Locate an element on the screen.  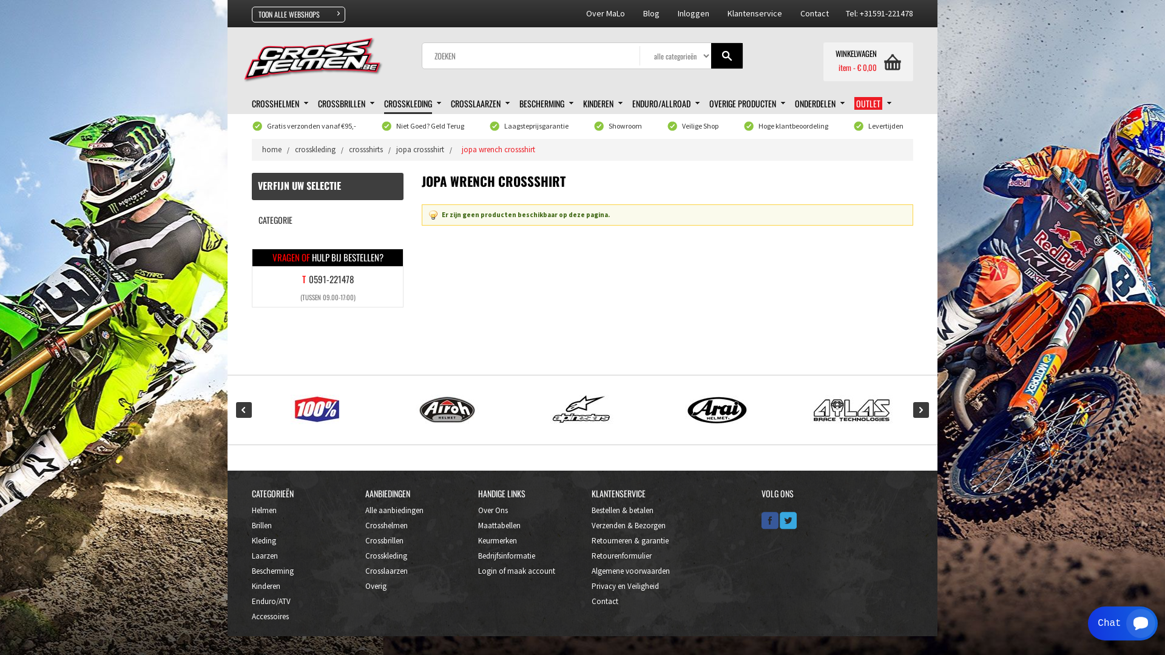
'OUTLET' is located at coordinates (872, 102).